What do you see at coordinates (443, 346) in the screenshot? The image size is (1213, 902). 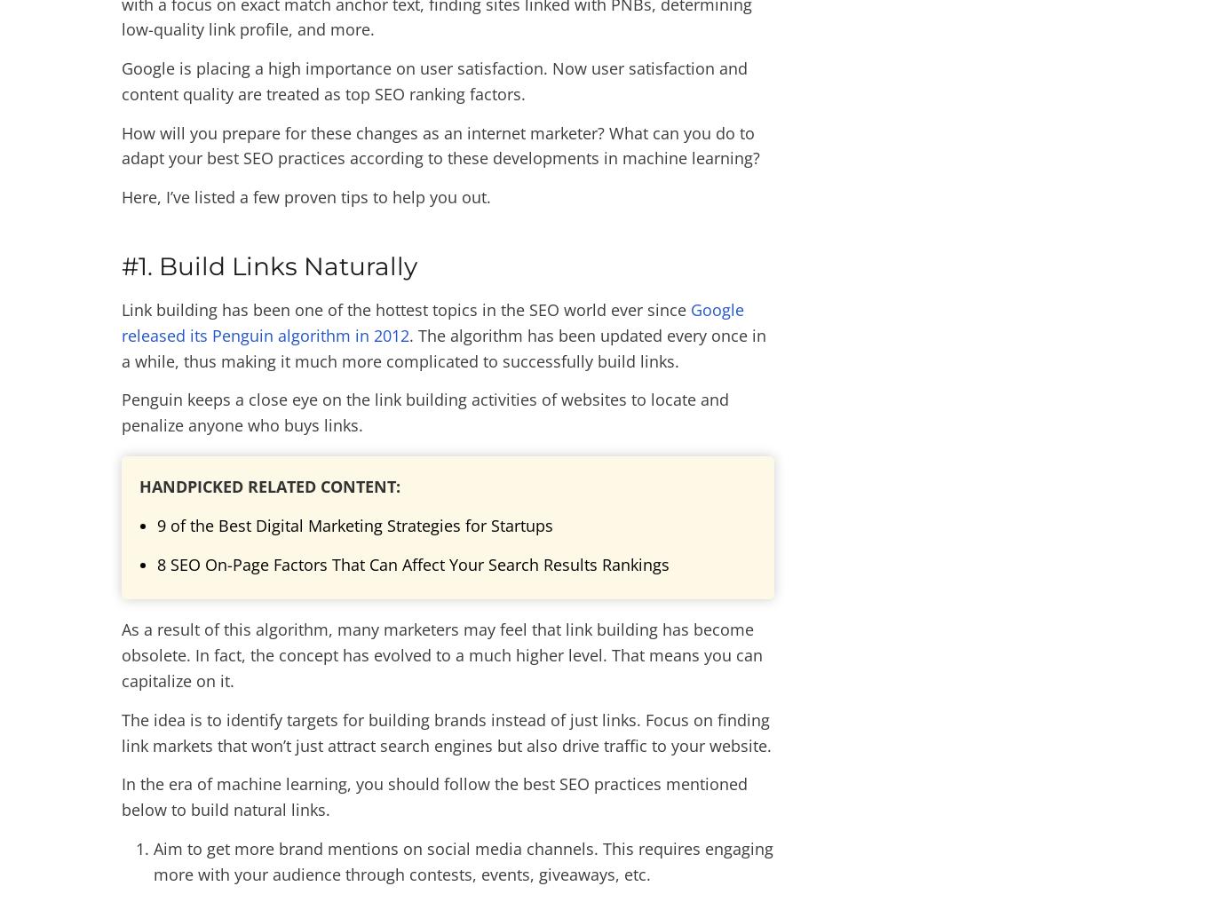 I see `'. The algorithm has been updated every once in a while, thus making it much more complicated to successfully build links.'` at bounding box center [443, 346].